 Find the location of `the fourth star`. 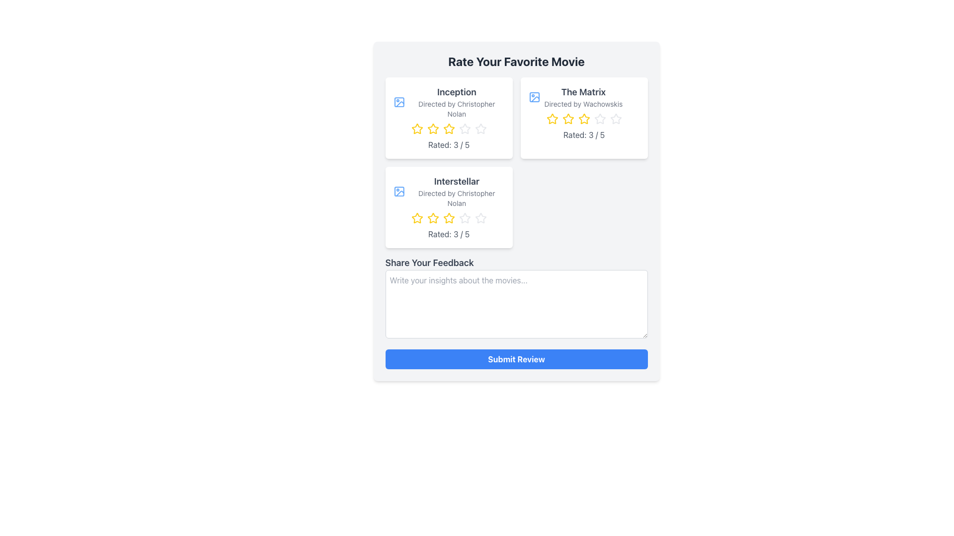

the fourth star is located at coordinates (480, 217).